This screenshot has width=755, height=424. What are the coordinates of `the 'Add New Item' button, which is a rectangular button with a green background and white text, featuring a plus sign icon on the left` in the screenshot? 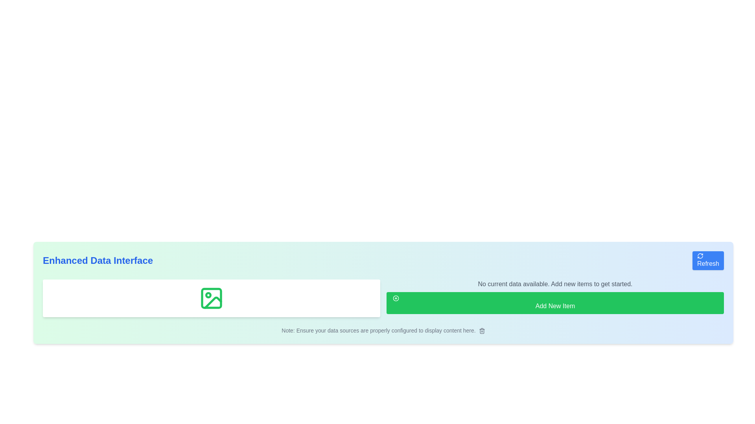 It's located at (554, 302).